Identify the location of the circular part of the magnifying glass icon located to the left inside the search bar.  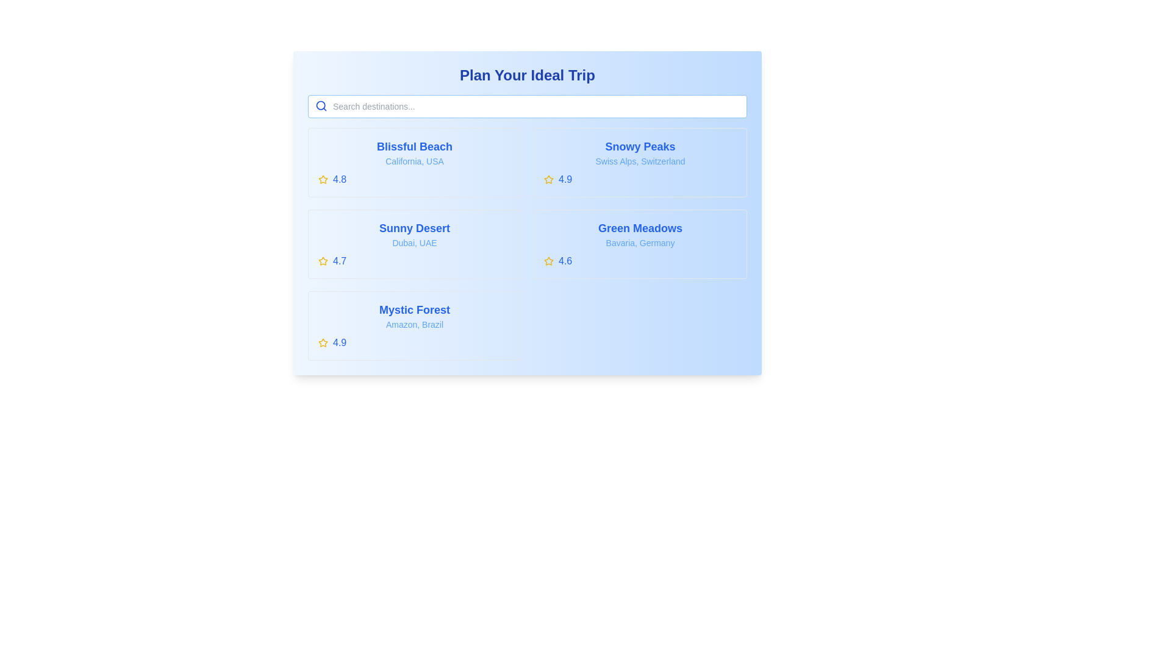
(321, 105).